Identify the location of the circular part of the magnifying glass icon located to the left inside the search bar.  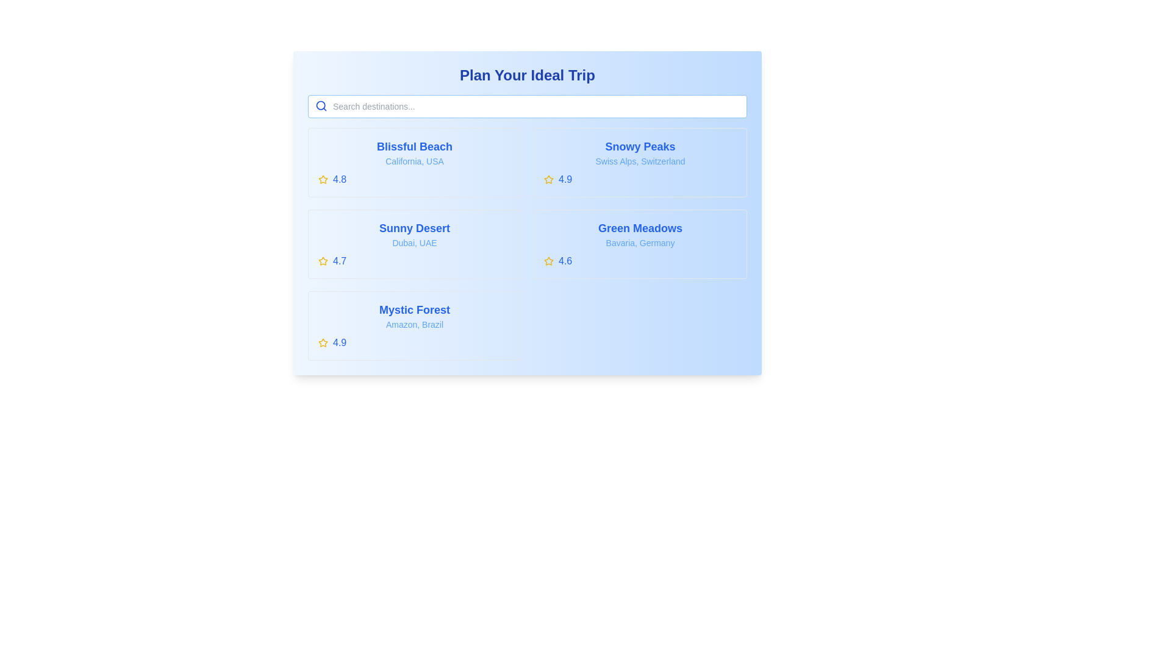
(321, 105).